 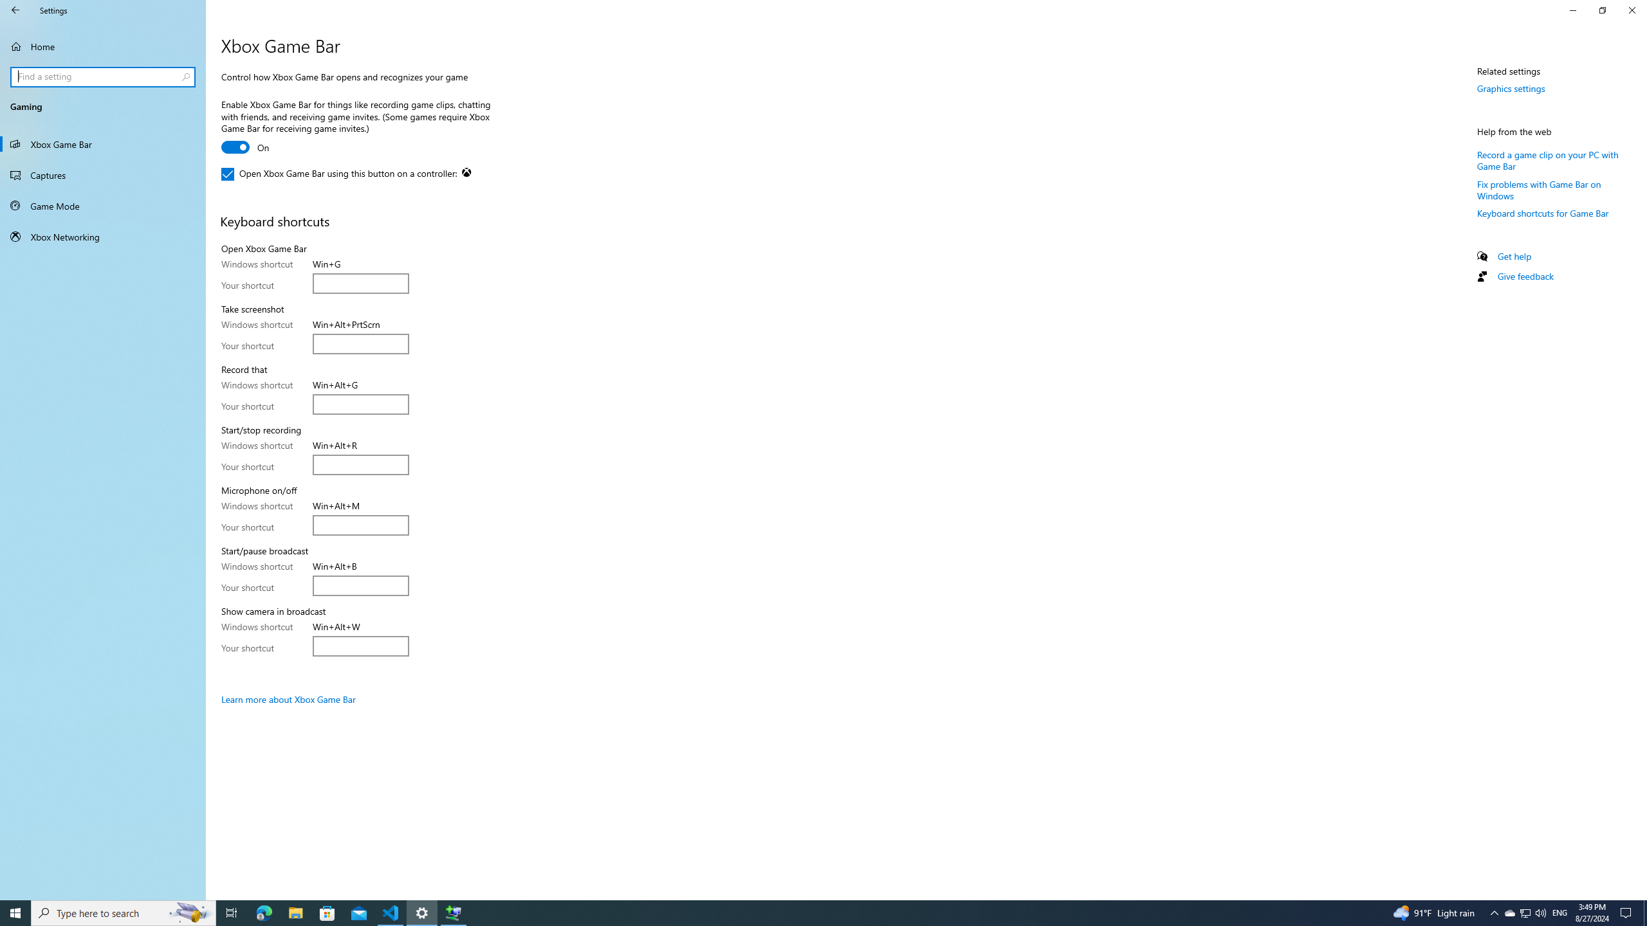 I want to click on 'Fix problems with Game Bar on Windows', so click(x=1539, y=189).